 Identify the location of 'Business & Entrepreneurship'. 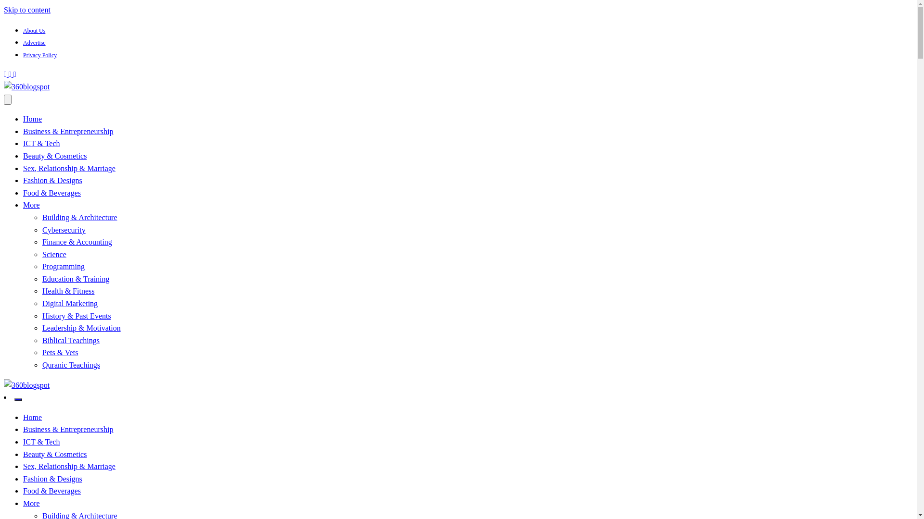
(68, 429).